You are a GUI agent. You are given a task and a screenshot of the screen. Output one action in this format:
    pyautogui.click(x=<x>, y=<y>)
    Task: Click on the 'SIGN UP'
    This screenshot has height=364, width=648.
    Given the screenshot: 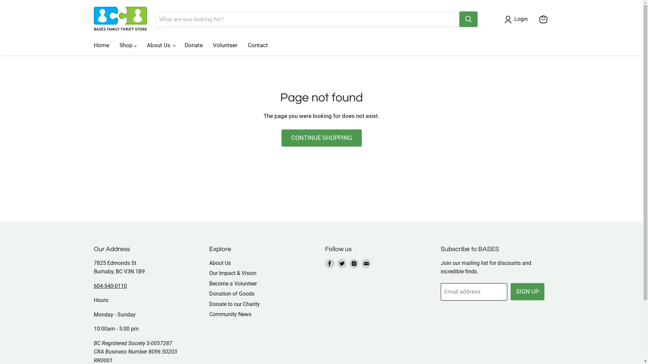 What is the action you would take?
    pyautogui.click(x=527, y=291)
    